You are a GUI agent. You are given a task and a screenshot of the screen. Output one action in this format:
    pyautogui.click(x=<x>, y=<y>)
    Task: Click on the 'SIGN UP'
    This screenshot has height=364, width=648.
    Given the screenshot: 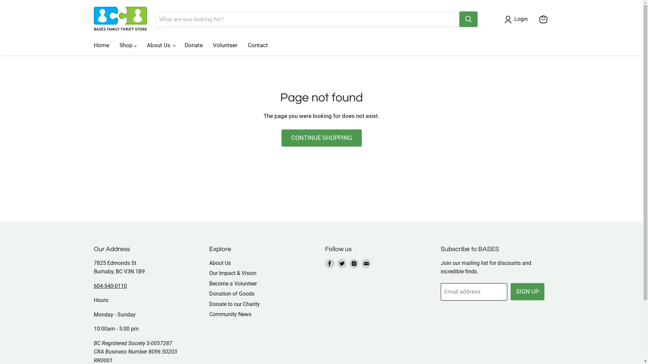 What is the action you would take?
    pyautogui.click(x=527, y=291)
    